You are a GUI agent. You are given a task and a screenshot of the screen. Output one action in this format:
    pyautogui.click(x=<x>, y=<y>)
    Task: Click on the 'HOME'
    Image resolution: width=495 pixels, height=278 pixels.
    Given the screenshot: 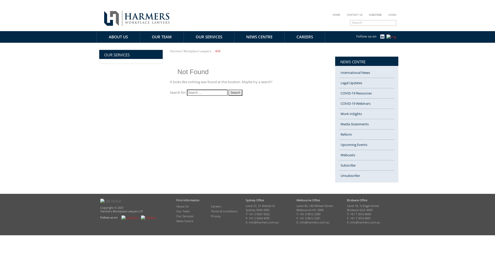 What is the action you would take?
    pyautogui.click(x=333, y=14)
    